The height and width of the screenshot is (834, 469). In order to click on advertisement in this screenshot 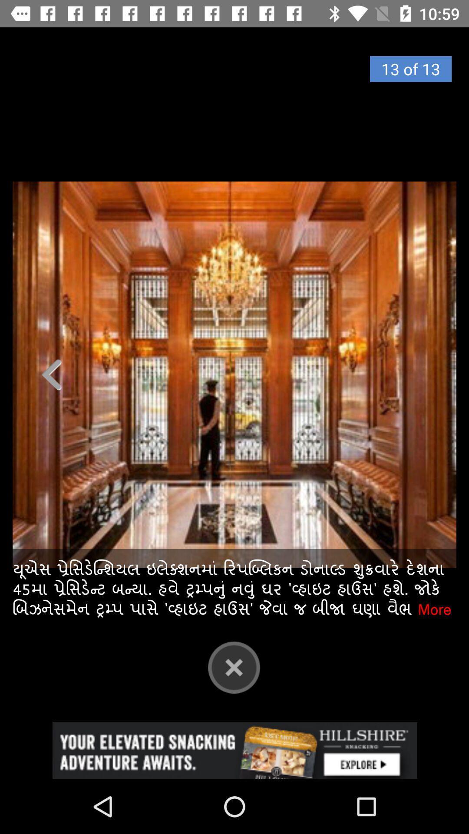, I will do `click(234, 750)`.